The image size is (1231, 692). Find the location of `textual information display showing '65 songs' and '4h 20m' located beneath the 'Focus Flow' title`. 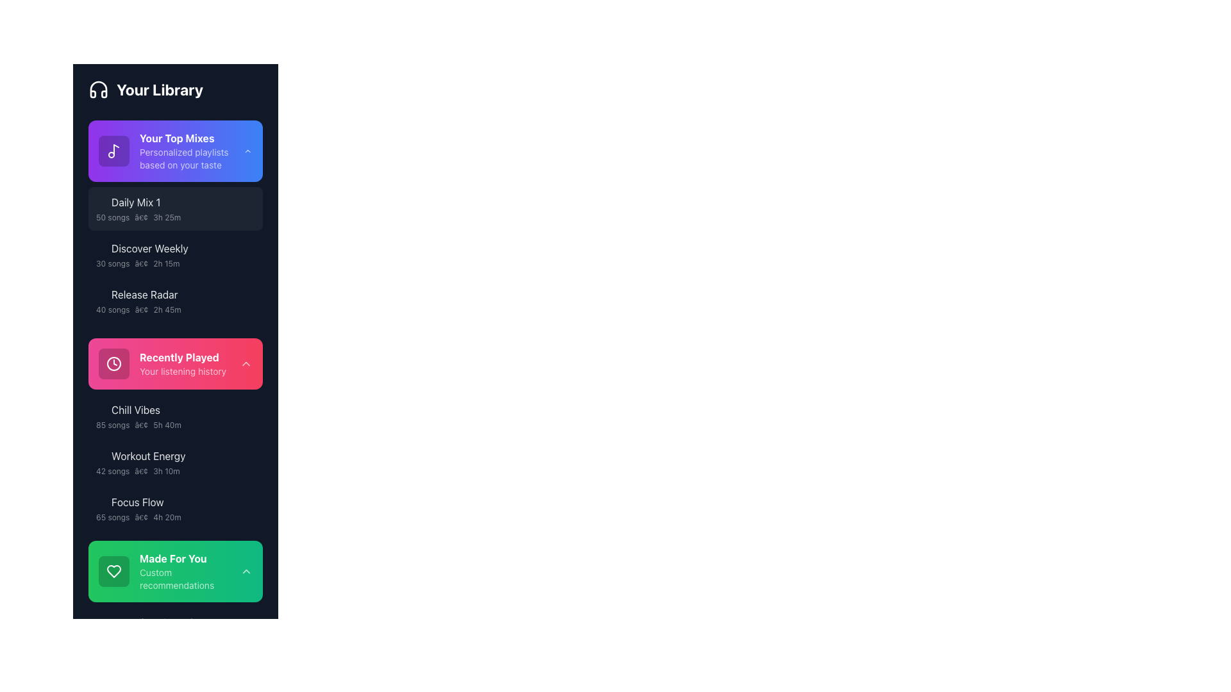

textual information display showing '65 songs' and '4h 20m' located beneath the 'Focus Flow' title is located at coordinates (169, 516).